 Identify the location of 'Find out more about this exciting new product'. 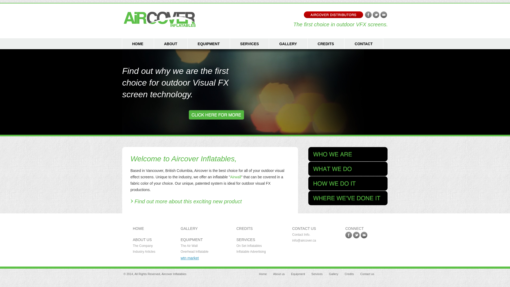
(186, 201).